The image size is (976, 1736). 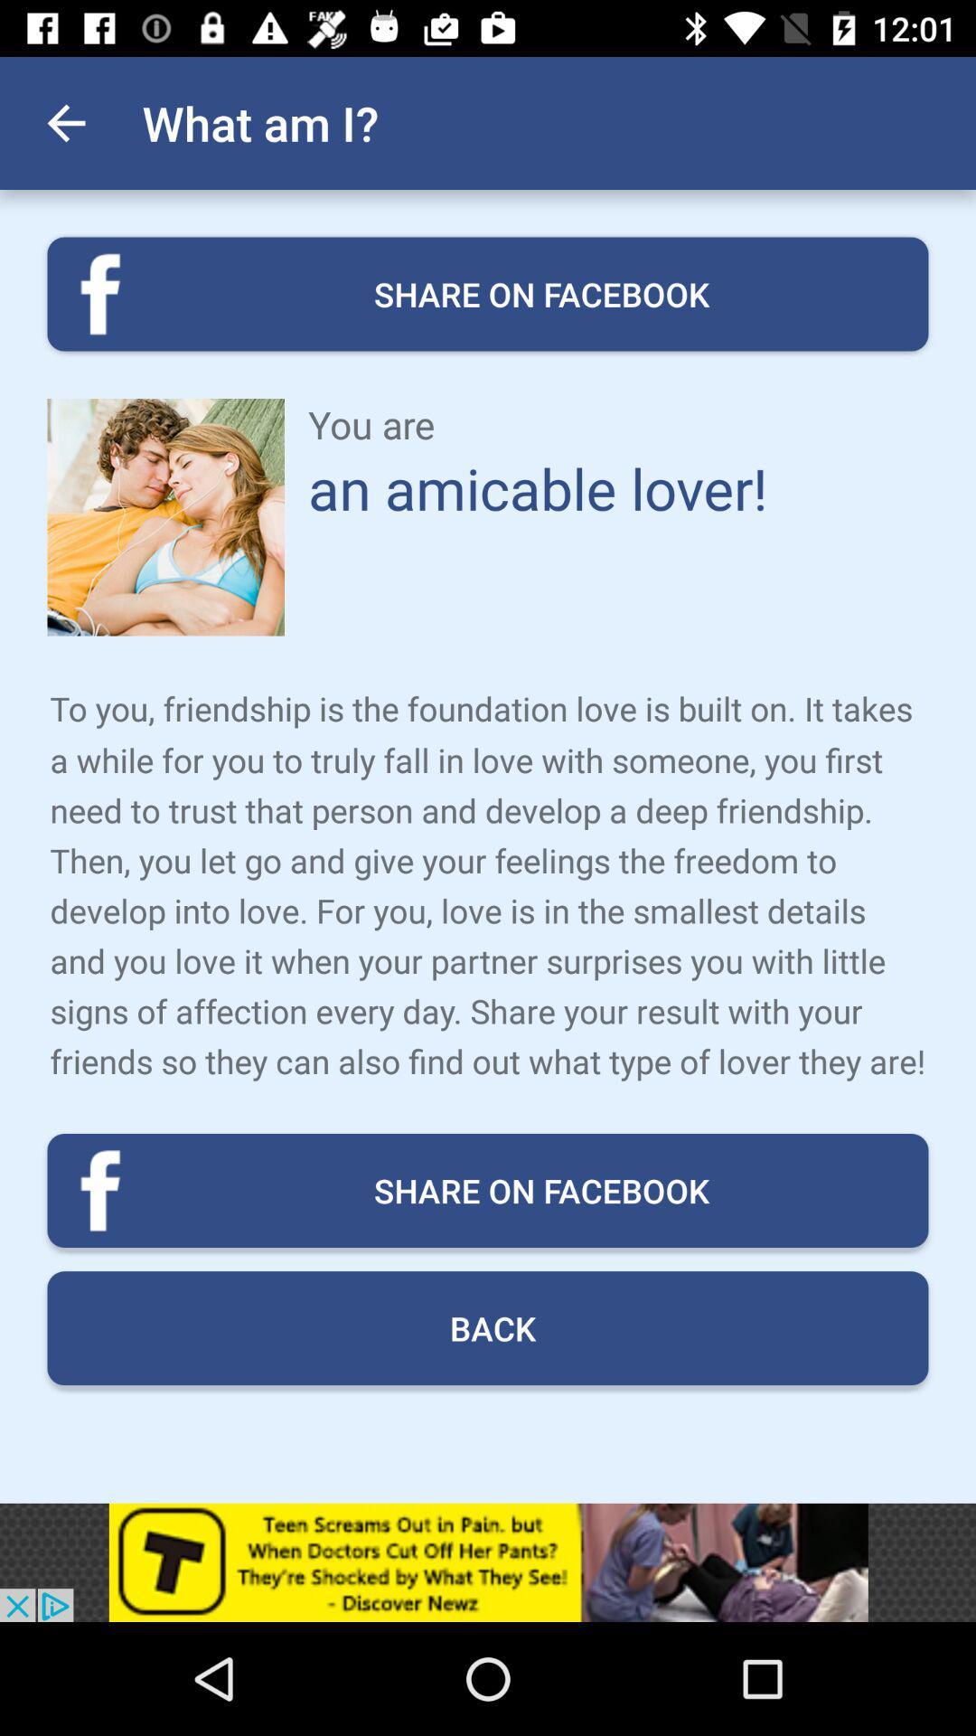 What do you see at coordinates (488, 1561) in the screenshot?
I see `advertise an app` at bounding box center [488, 1561].